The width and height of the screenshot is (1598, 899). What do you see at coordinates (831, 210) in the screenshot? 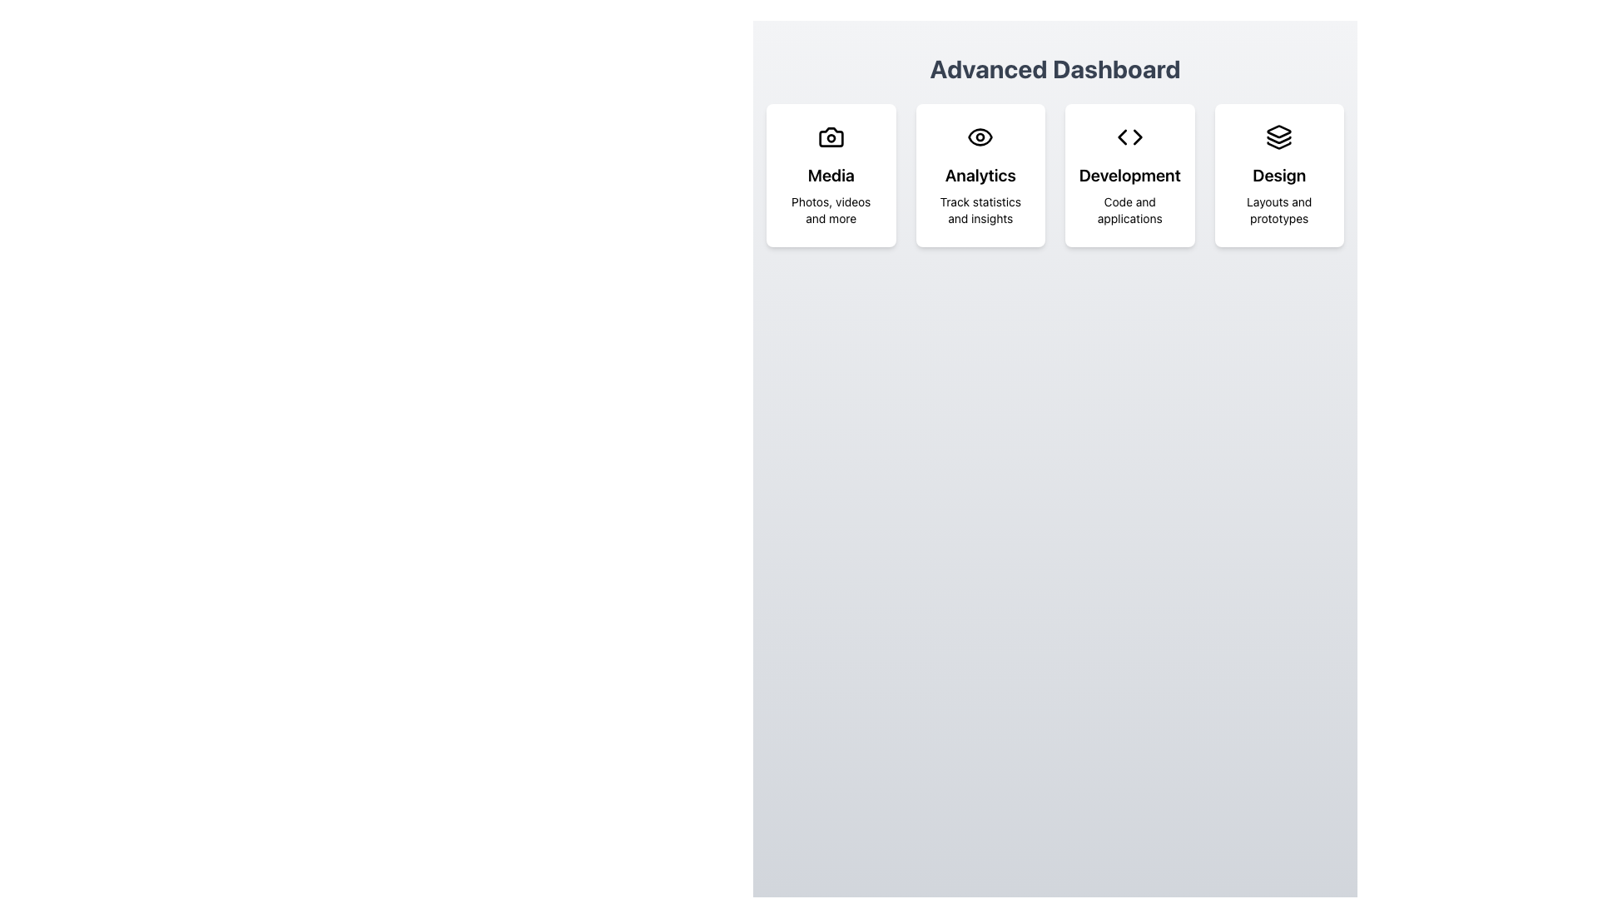
I see `the Static Text element that provides supplementary descriptive information about the 'Media' section, located at the bottom of the 'Media' card beneath the title 'Media'` at bounding box center [831, 210].